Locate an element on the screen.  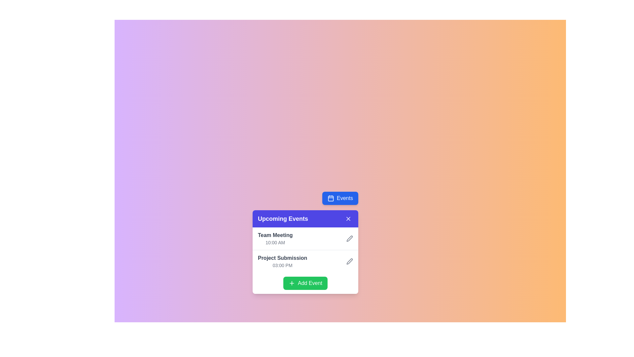
the time label indicating the scheduled time for the 'Project Submission' event located in the lower-right section of the 'Upcoming Events' card is located at coordinates (282, 265).